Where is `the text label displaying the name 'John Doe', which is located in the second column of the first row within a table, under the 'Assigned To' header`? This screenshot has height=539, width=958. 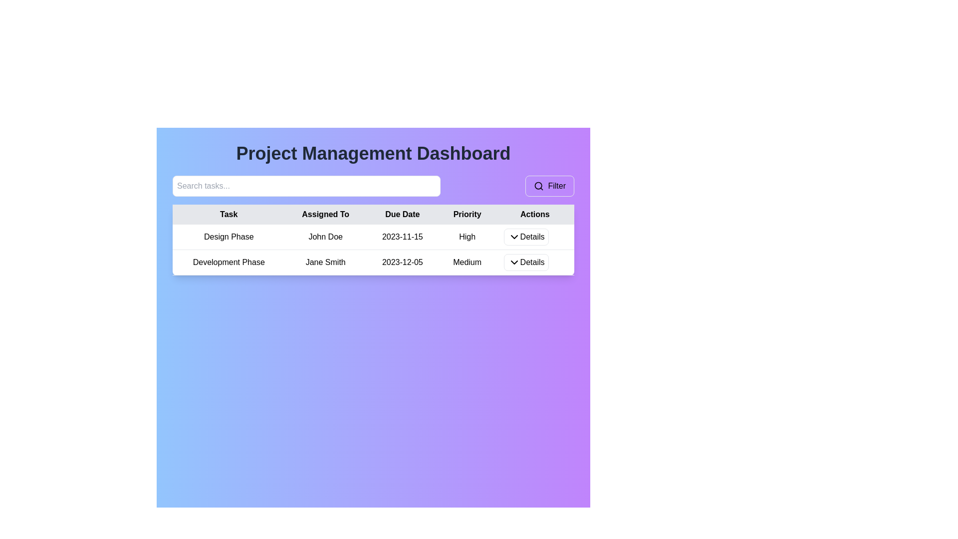 the text label displaying the name 'John Doe', which is located in the second column of the first row within a table, under the 'Assigned To' header is located at coordinates (325, 237).